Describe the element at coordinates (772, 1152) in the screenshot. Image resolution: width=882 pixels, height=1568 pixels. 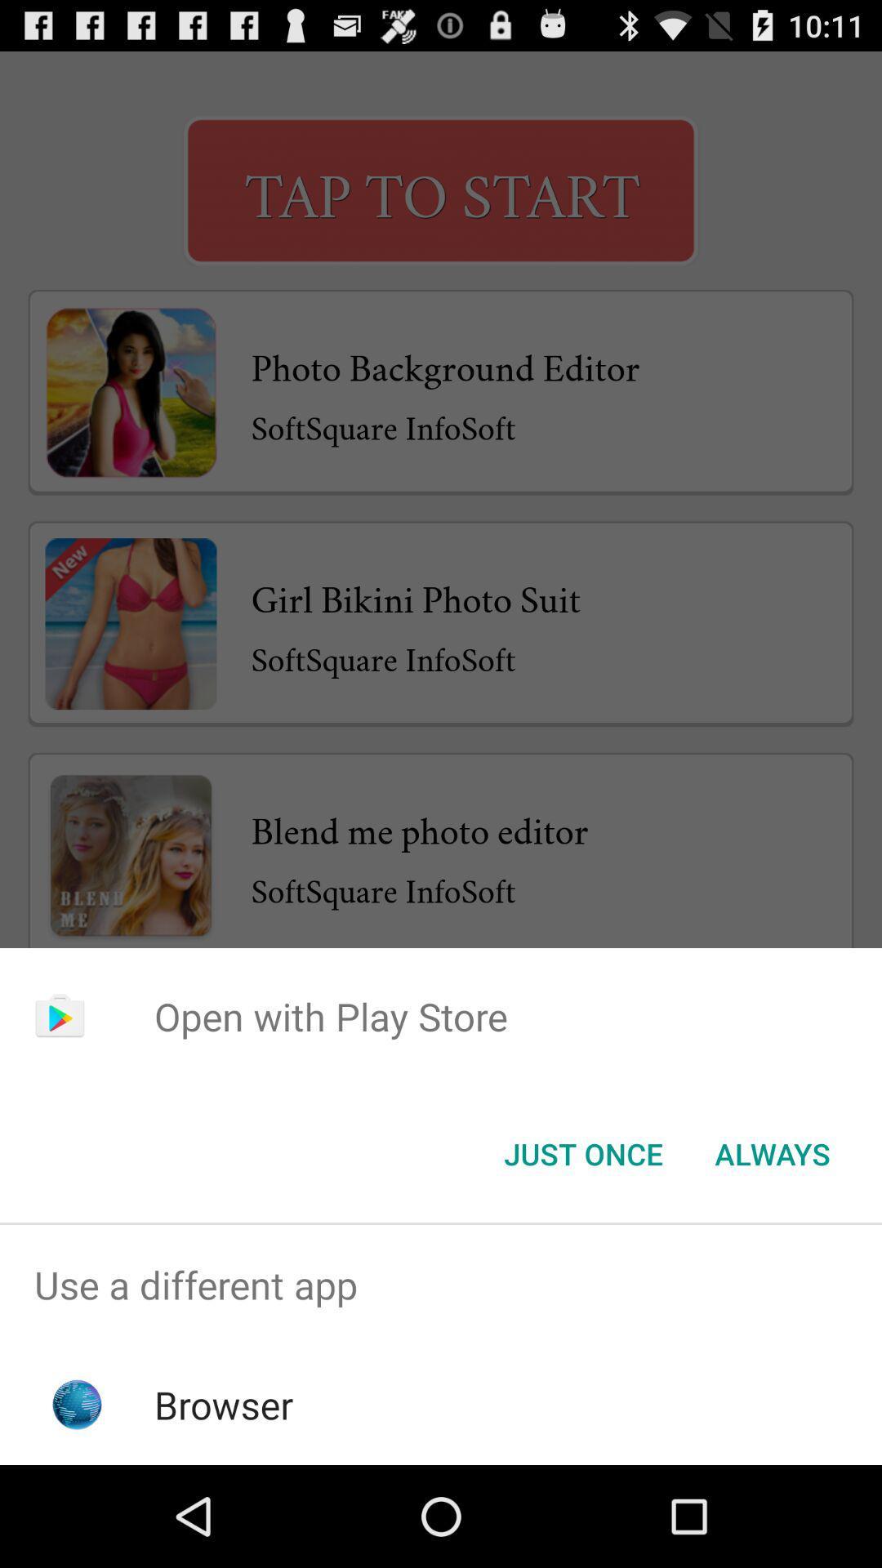
I see `always at the bottom right corner` at that location.